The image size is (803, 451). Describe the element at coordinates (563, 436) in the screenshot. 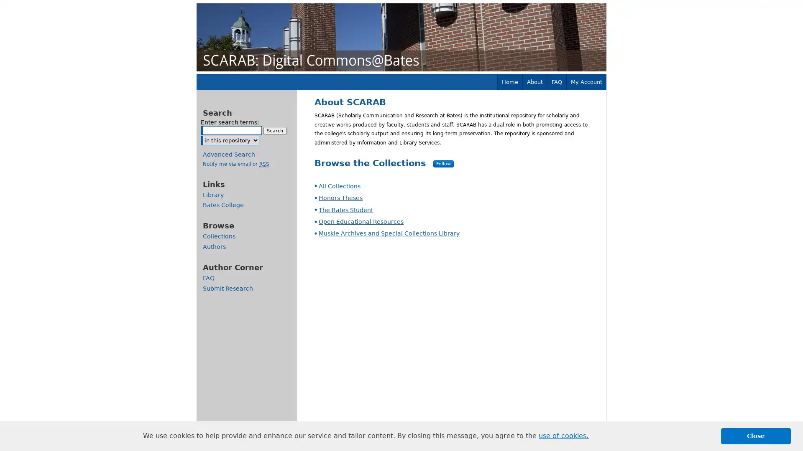

I see `learn more about cookies` at that location.